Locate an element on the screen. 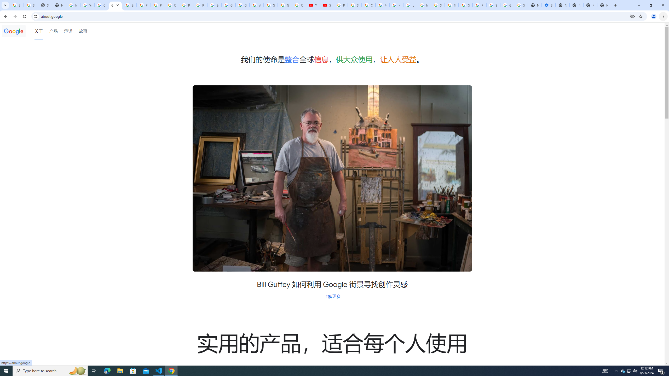  'Sign in - Google Accounts' is located at coordinates (521, 5).